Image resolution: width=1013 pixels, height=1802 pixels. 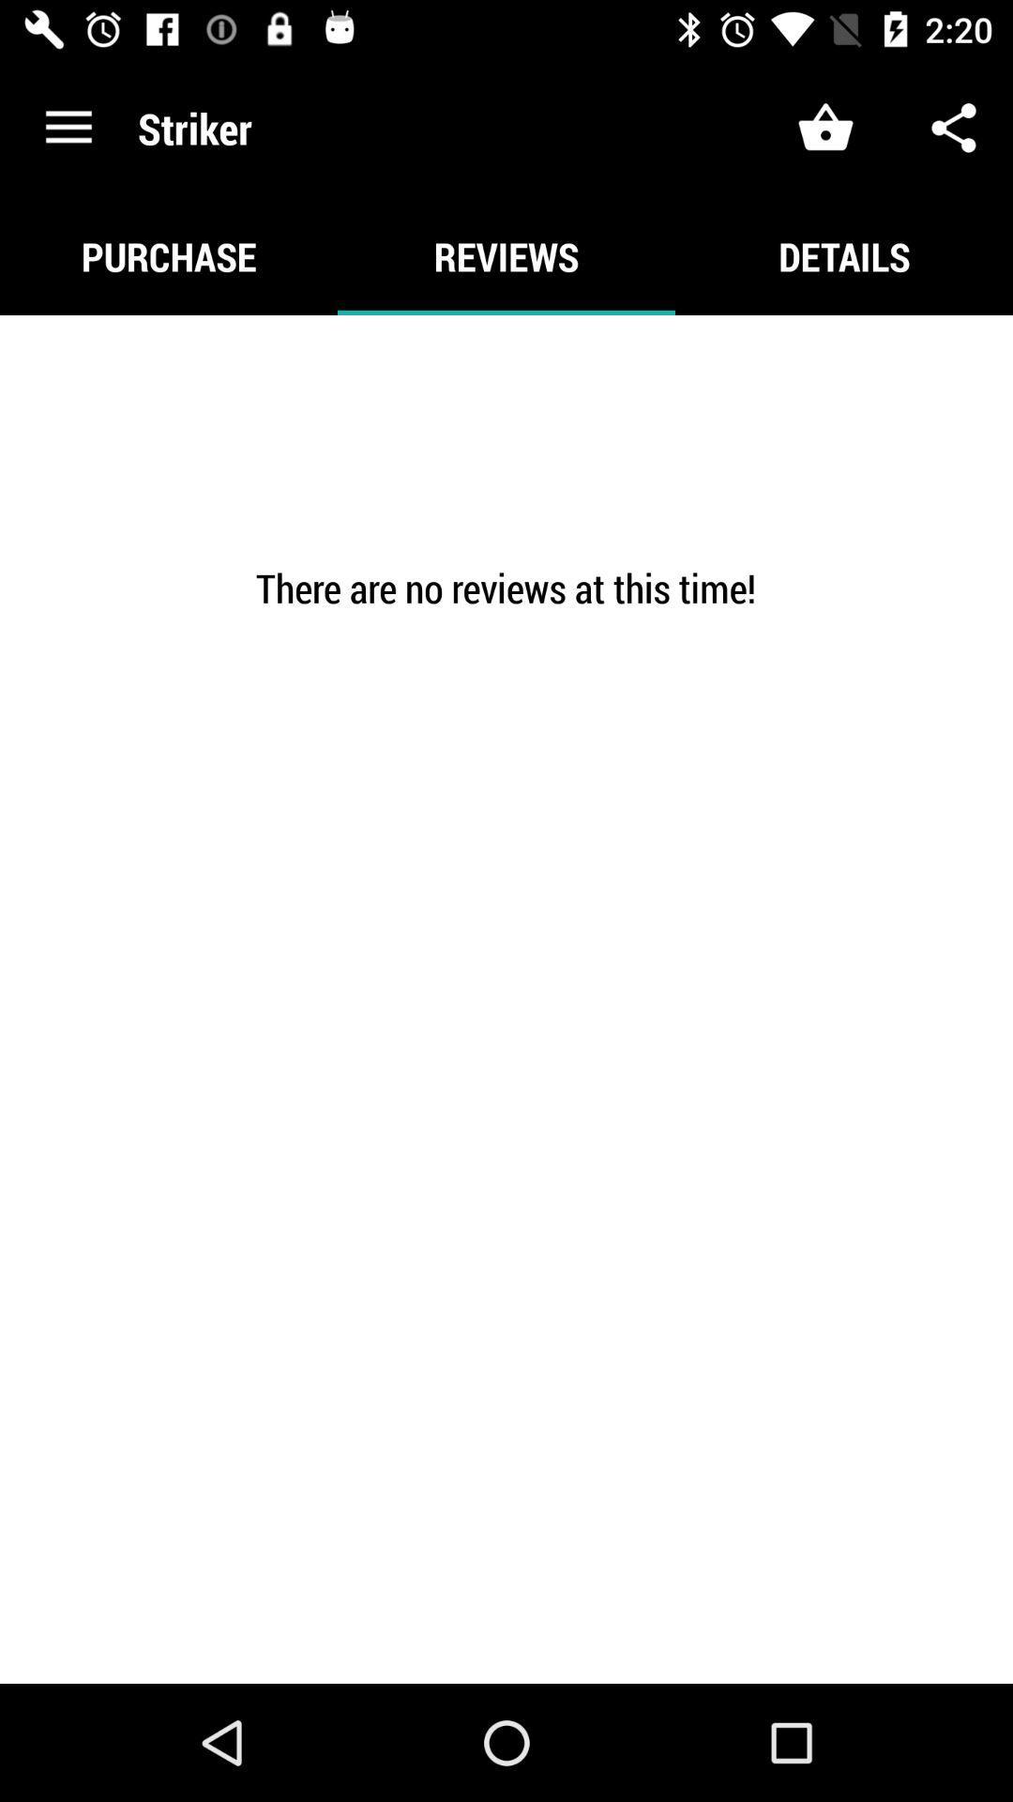 I want to click on the icon to the left of the striker item, so click(x=68, y=127).